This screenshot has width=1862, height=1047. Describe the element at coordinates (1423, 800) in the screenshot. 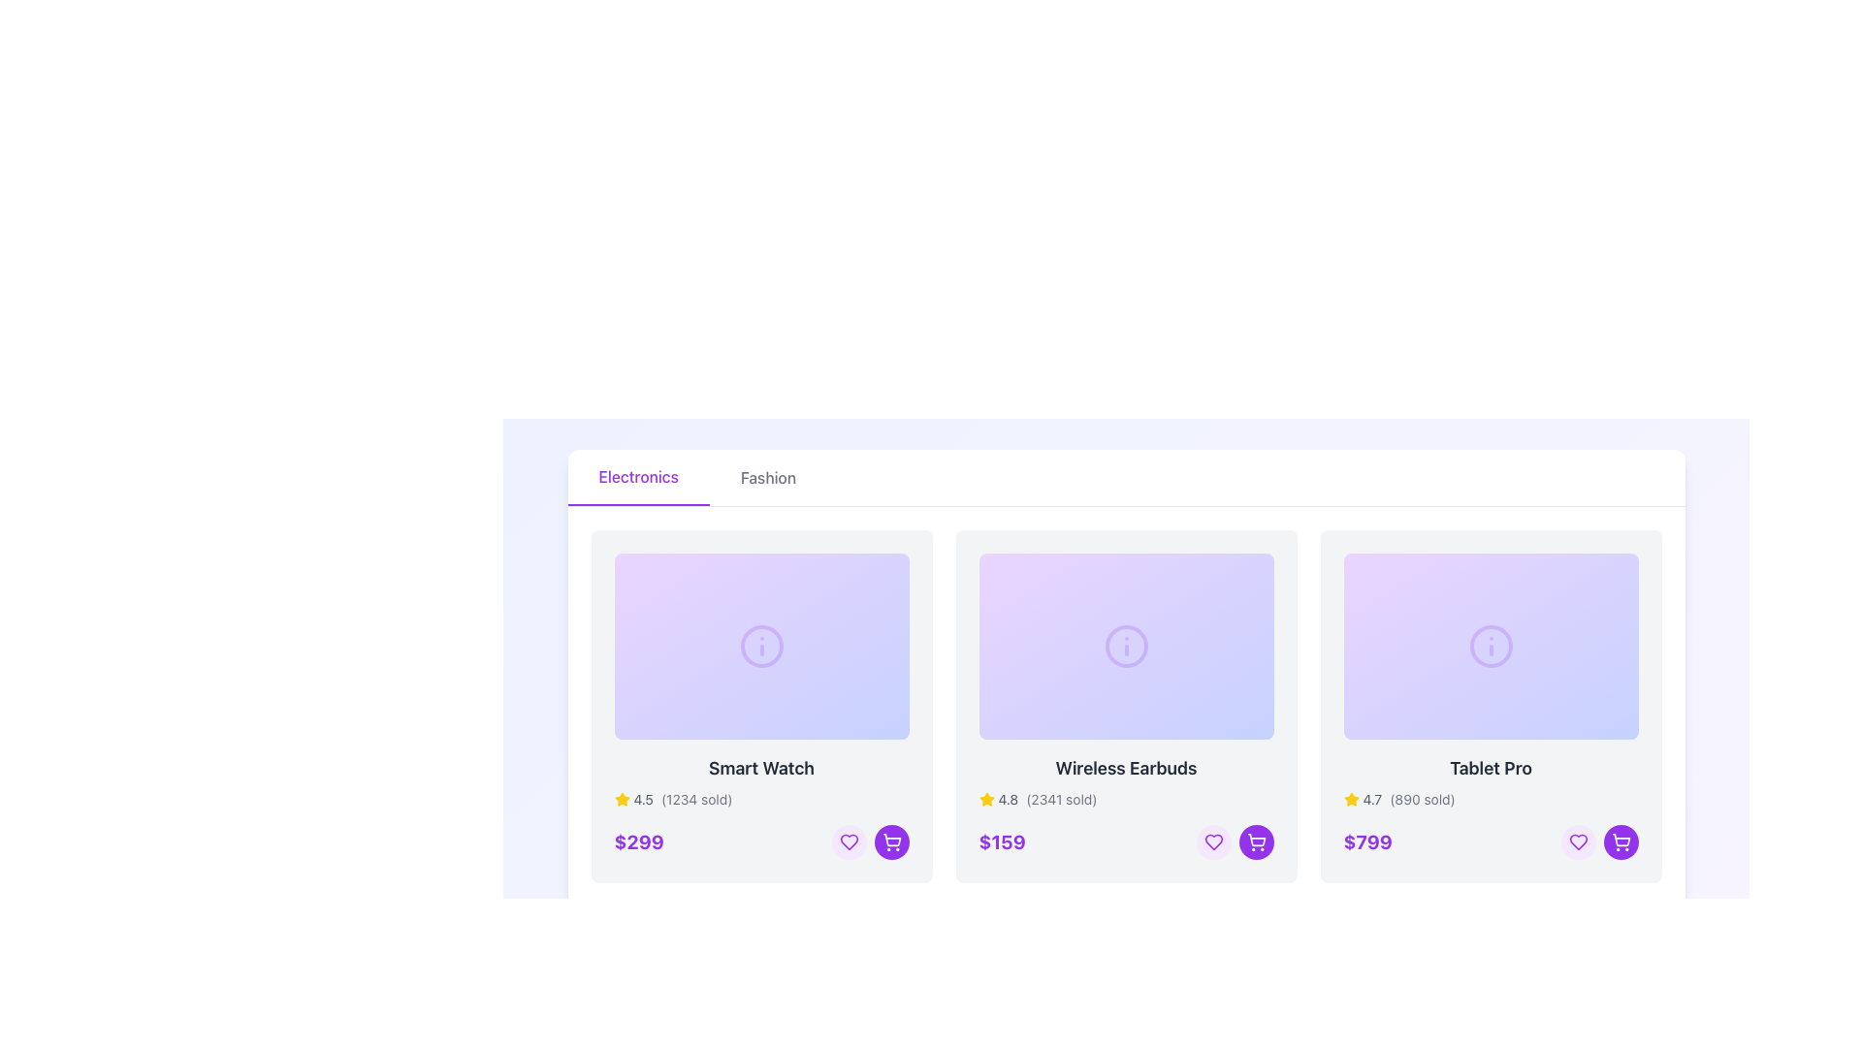

I see `the text label displaying '(890 sold)' which is styled in gray and located to the right of the '4.7' rating text, providing sales information for the product` at that location.